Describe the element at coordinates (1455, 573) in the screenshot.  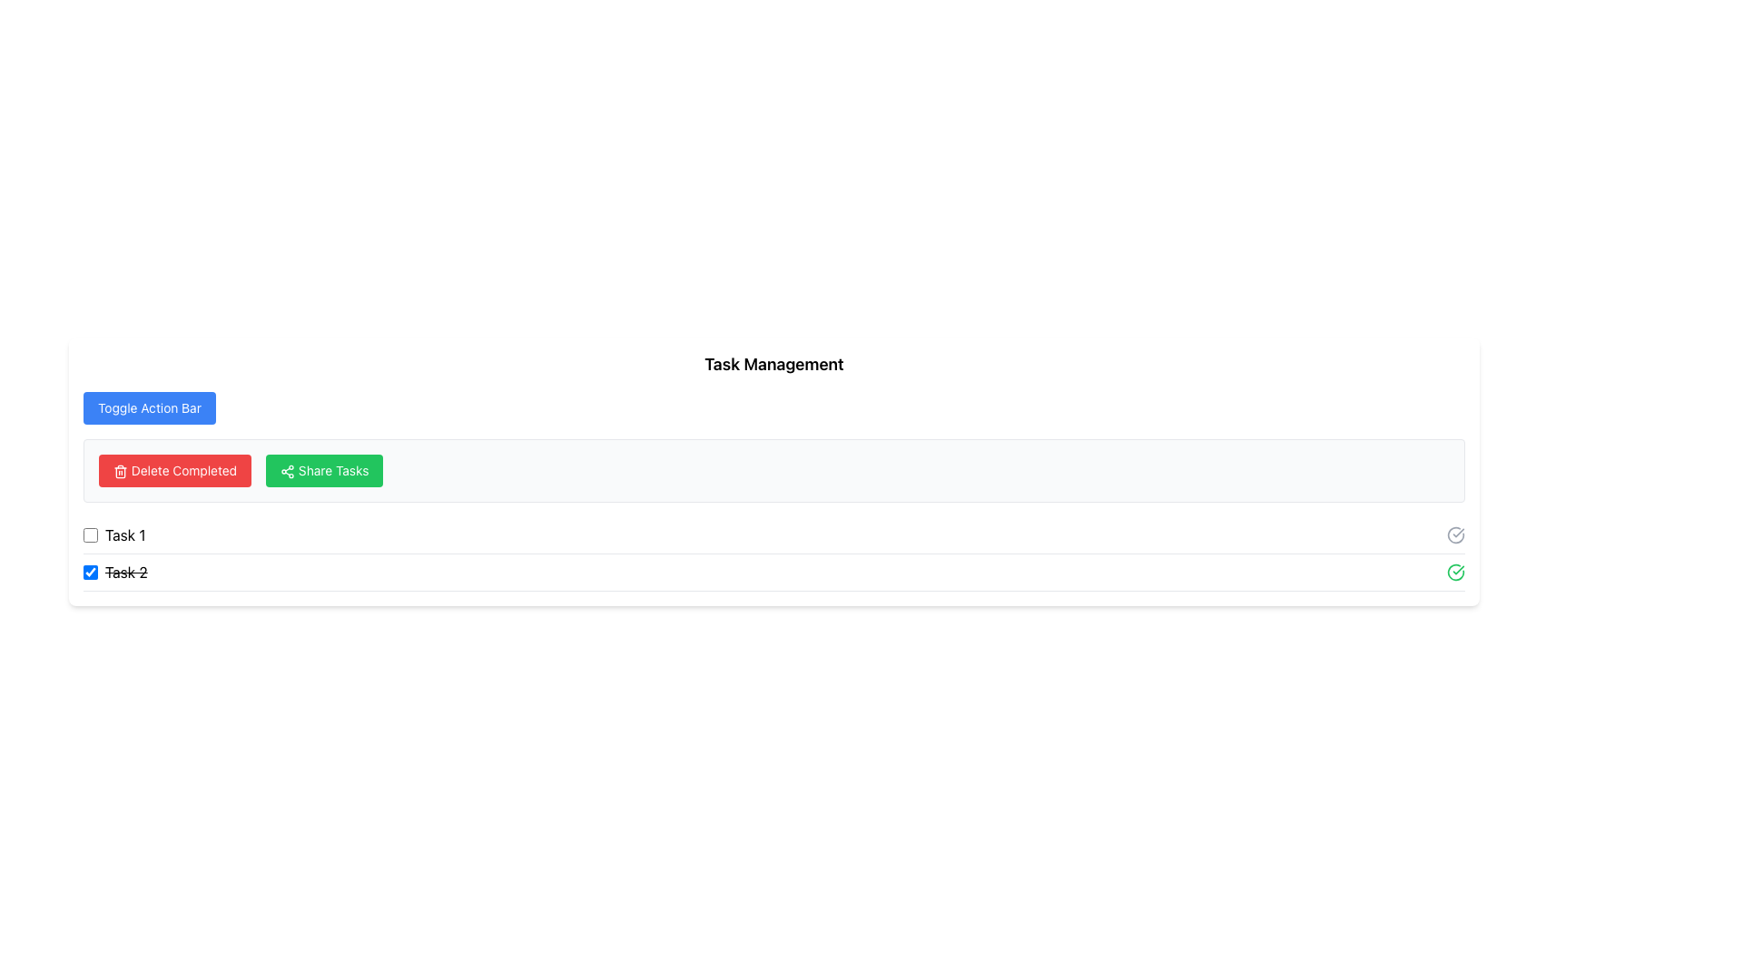
I see `the green checkmark graphical icon located at the right end of the second task item in the task management list` at that location.